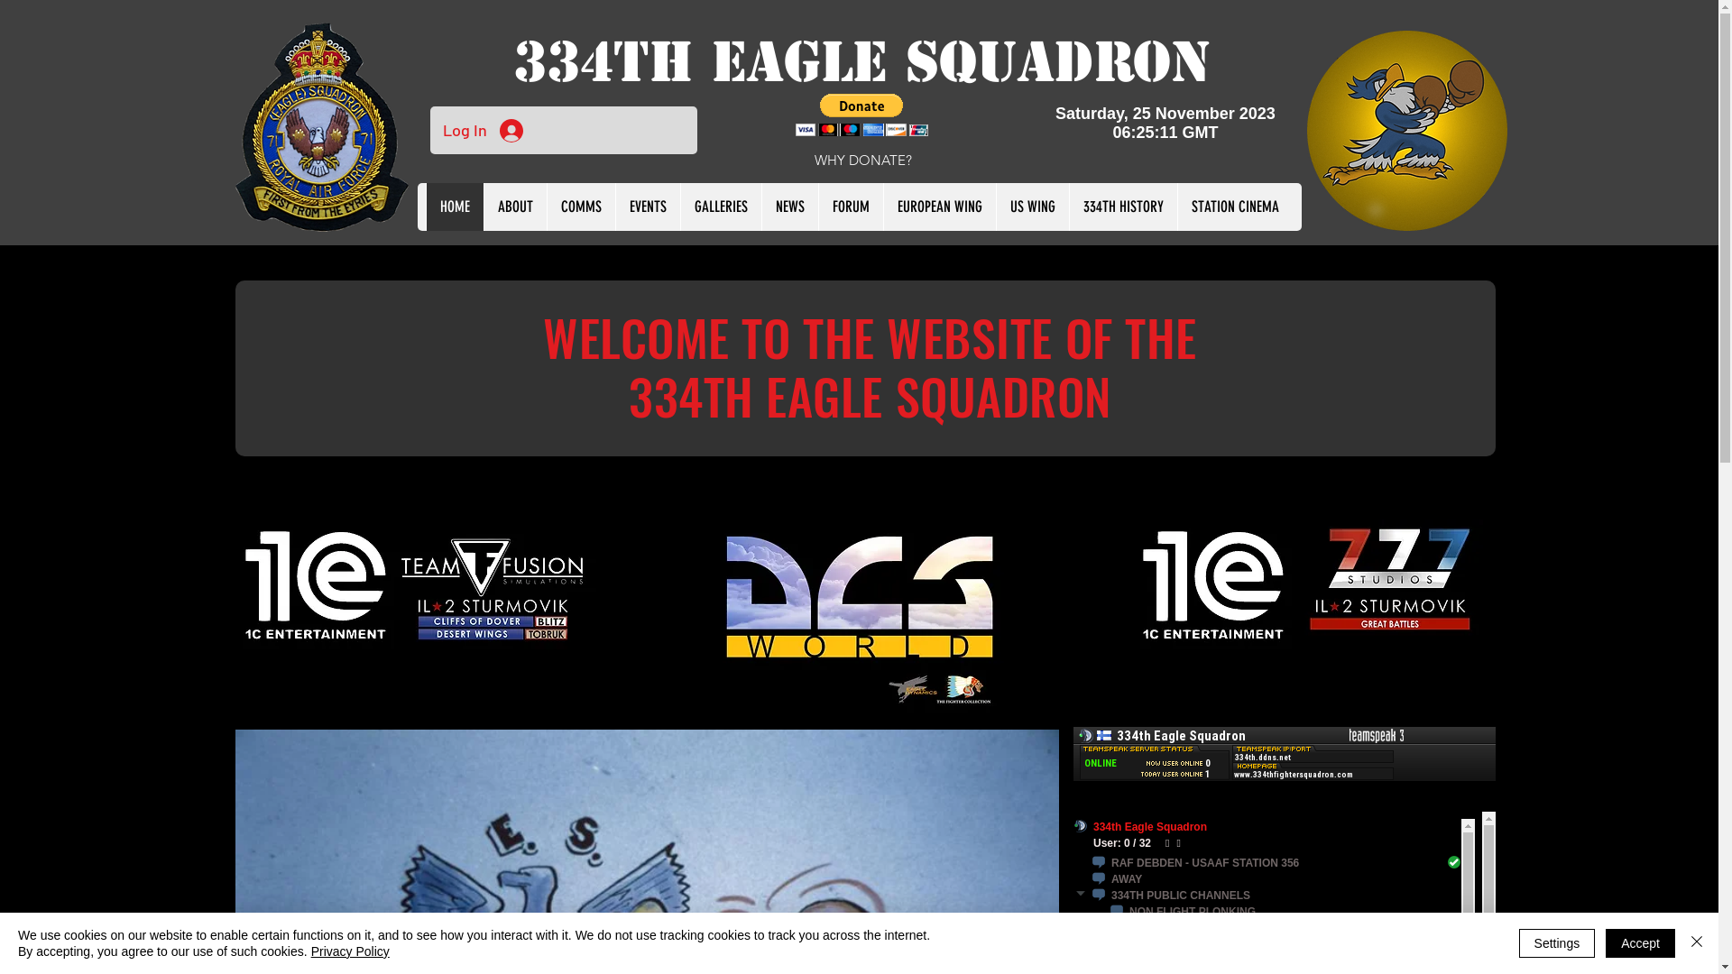 Image resolution: width=1732 pixels, height=974 pixels. What do you see at coordinates (1556, 942) in the screenshot?
I see `'Settings'` at bounding box center [1556, 942].